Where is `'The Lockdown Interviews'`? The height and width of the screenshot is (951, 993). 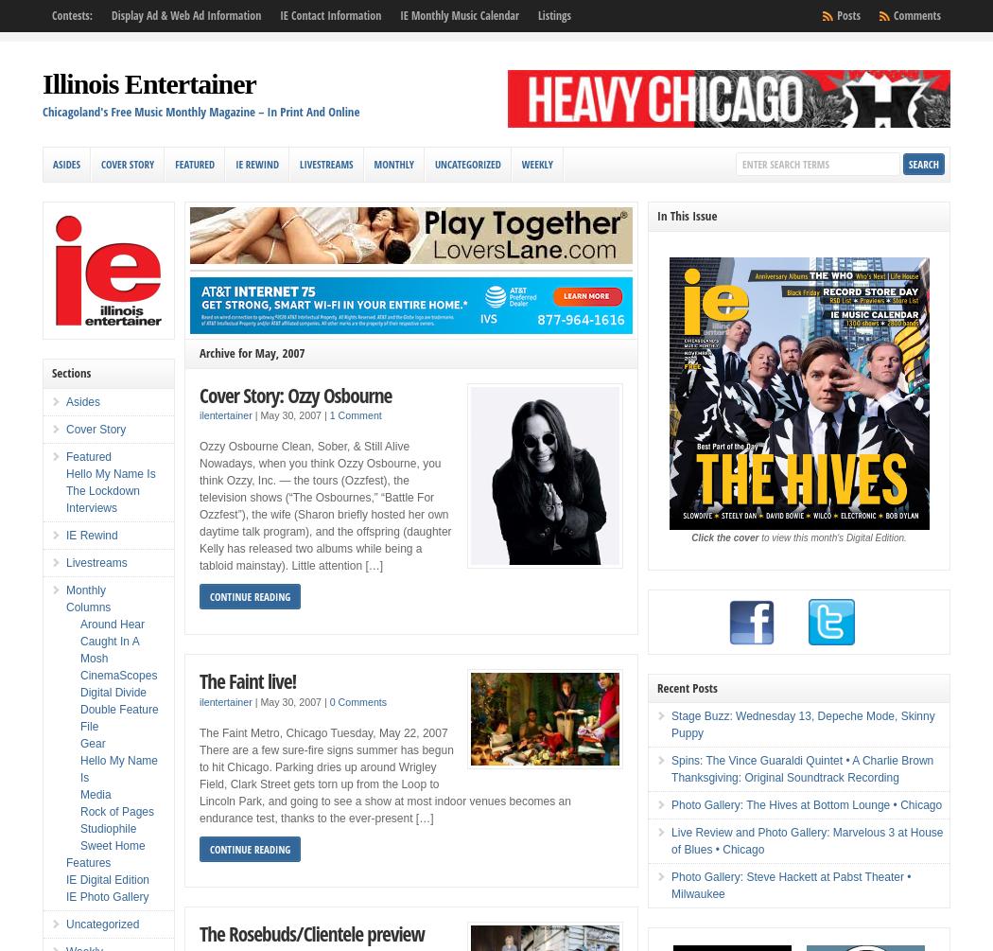
'The Lockdown Interviews' is located at coordinates (102, 498).